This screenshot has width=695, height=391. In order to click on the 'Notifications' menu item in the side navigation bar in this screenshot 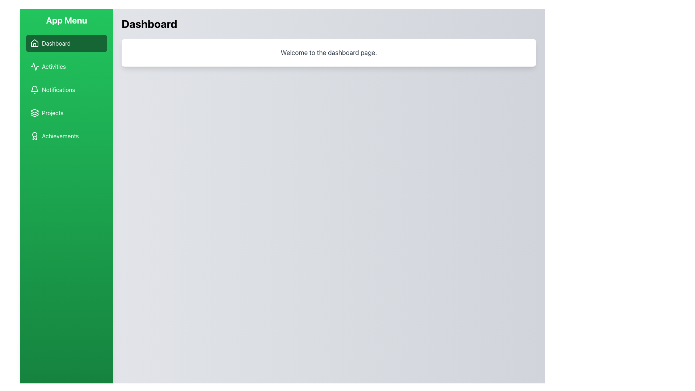, I will do `click(66, 89)`.